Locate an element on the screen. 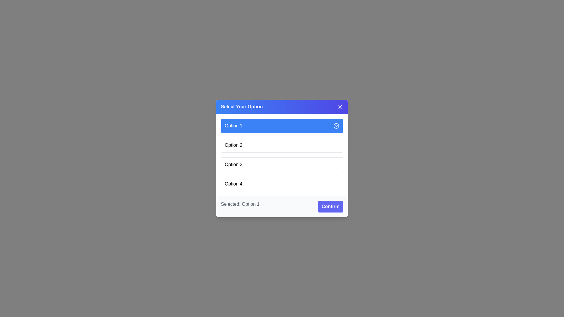 This screenshot has height=317, width=564. the Text Label that displays the currently selected option, located at the left side of the bottom section of the modal dialog, adjacent to the 'Confirm' button is located at coordinates (240, 206).